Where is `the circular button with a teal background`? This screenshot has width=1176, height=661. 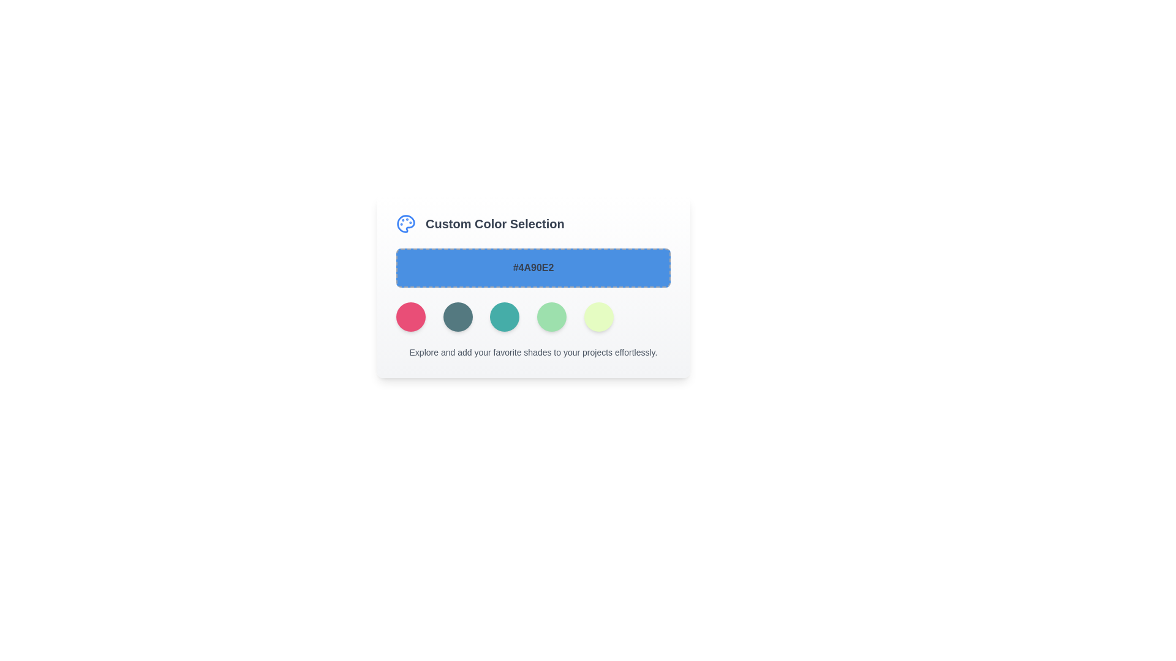 the circular button with a teal background is located at coordinates (457, 316).